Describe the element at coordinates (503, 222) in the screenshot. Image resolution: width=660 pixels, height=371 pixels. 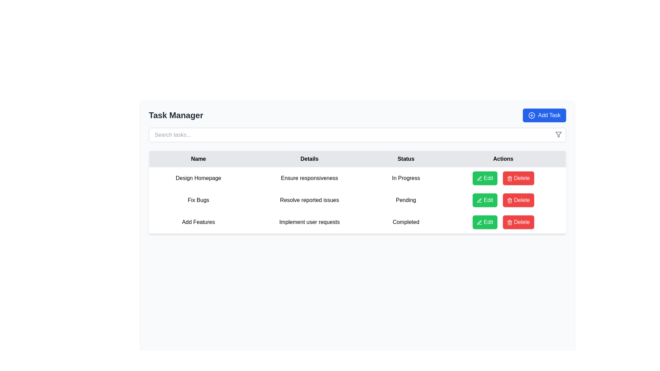
I see `the 'Delete' button in the Button Group for the task titled 'Add Features' to initiate task removal` at that location.